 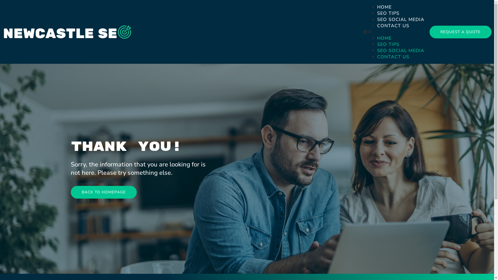 I want to click on 'REQUEST A QUOTE', so click(x=460, y=32).